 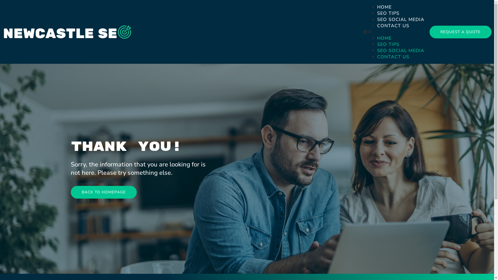 I want to click on 'REQUEST A QUOTE', so click(x=460, y=32).